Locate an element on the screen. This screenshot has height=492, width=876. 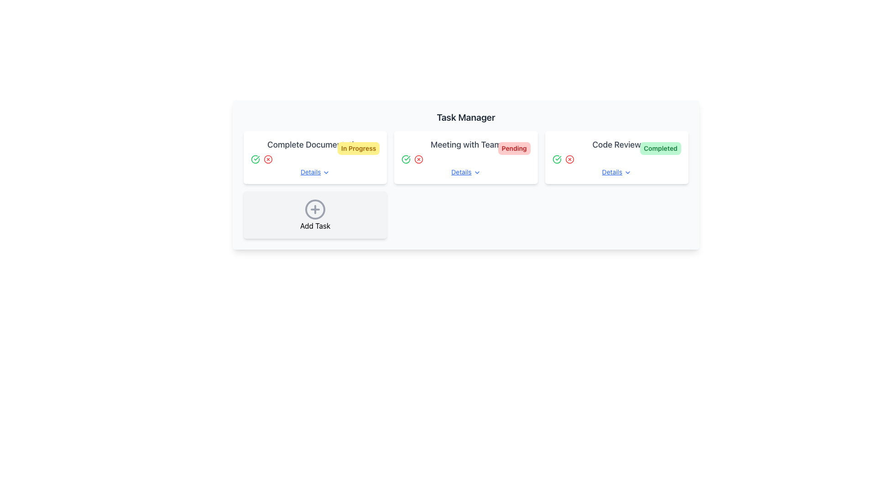
the 'Pending' status indicator badge located at the top-right corner of the 'Meeting with Team' card in the 'Task Manager' section is located at coordinates (514, 148).